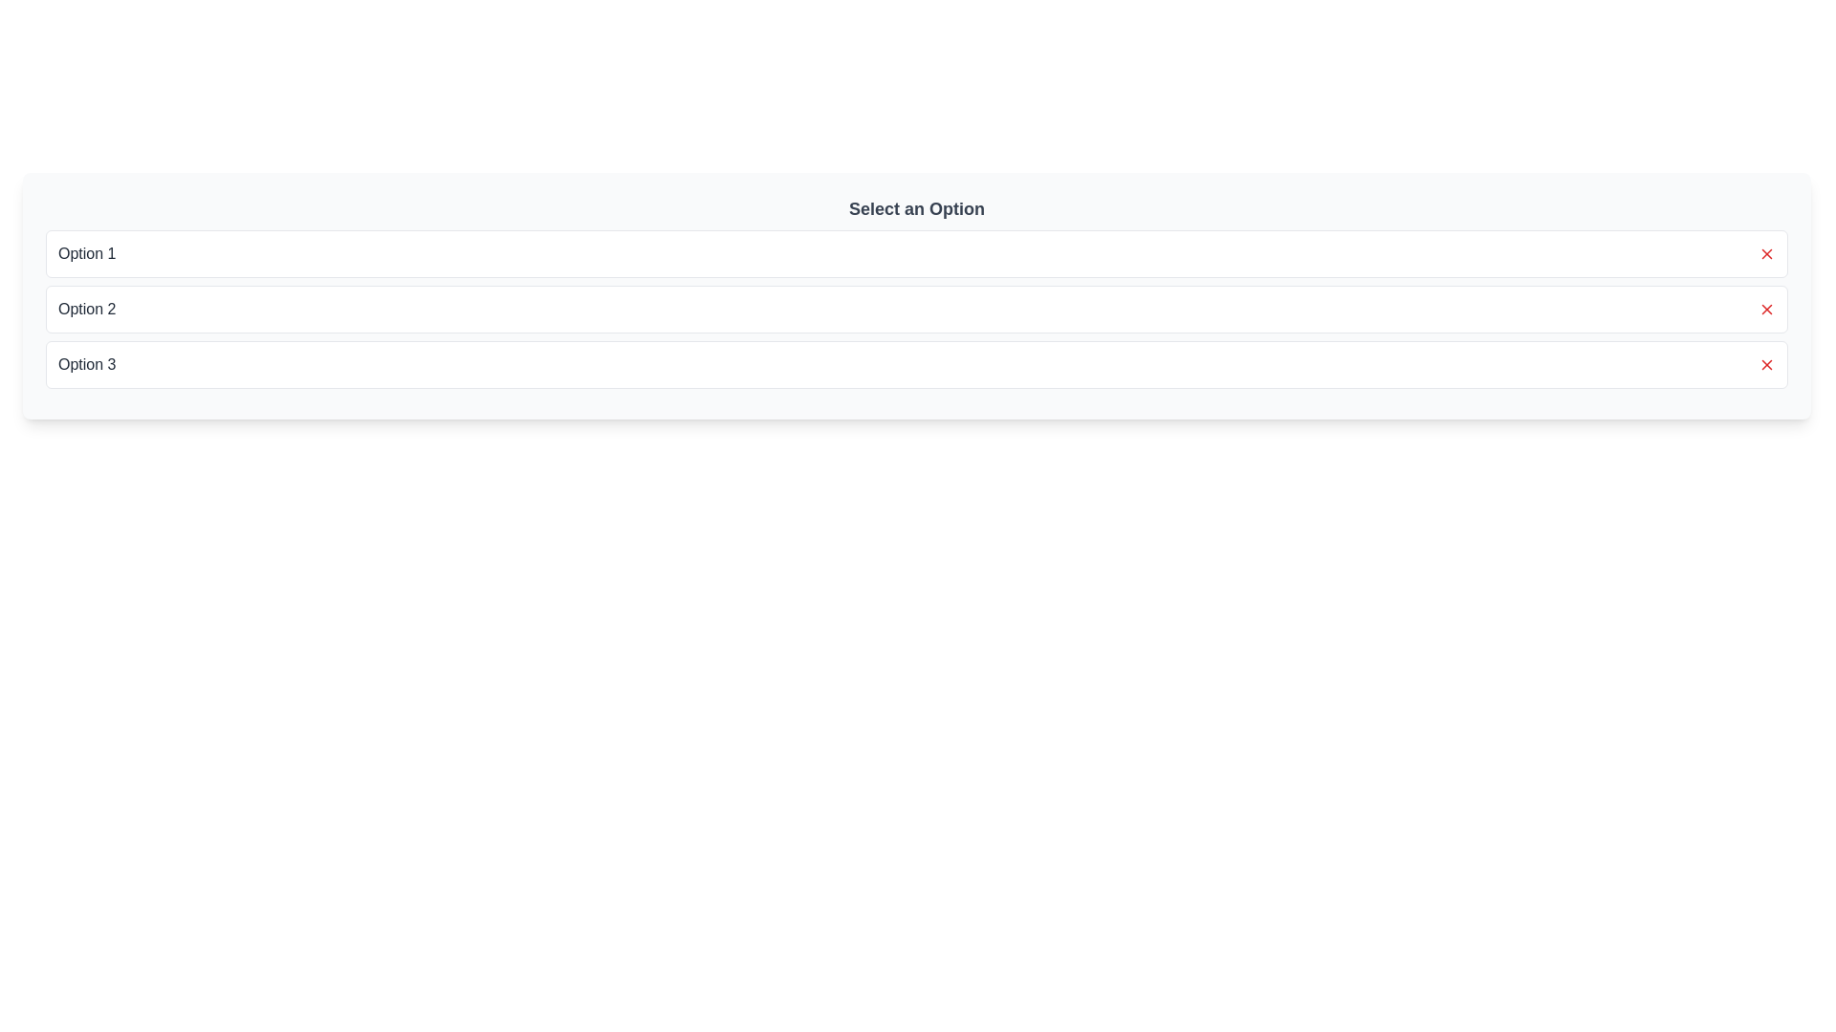 The image size is (1836, 1032). What do you see at coordinates (1766, 253) in the screenshot?
I see `the close or delete icon located in the first row of options, adjacent to 'Option 1'` at bounding box center [1766, 253].